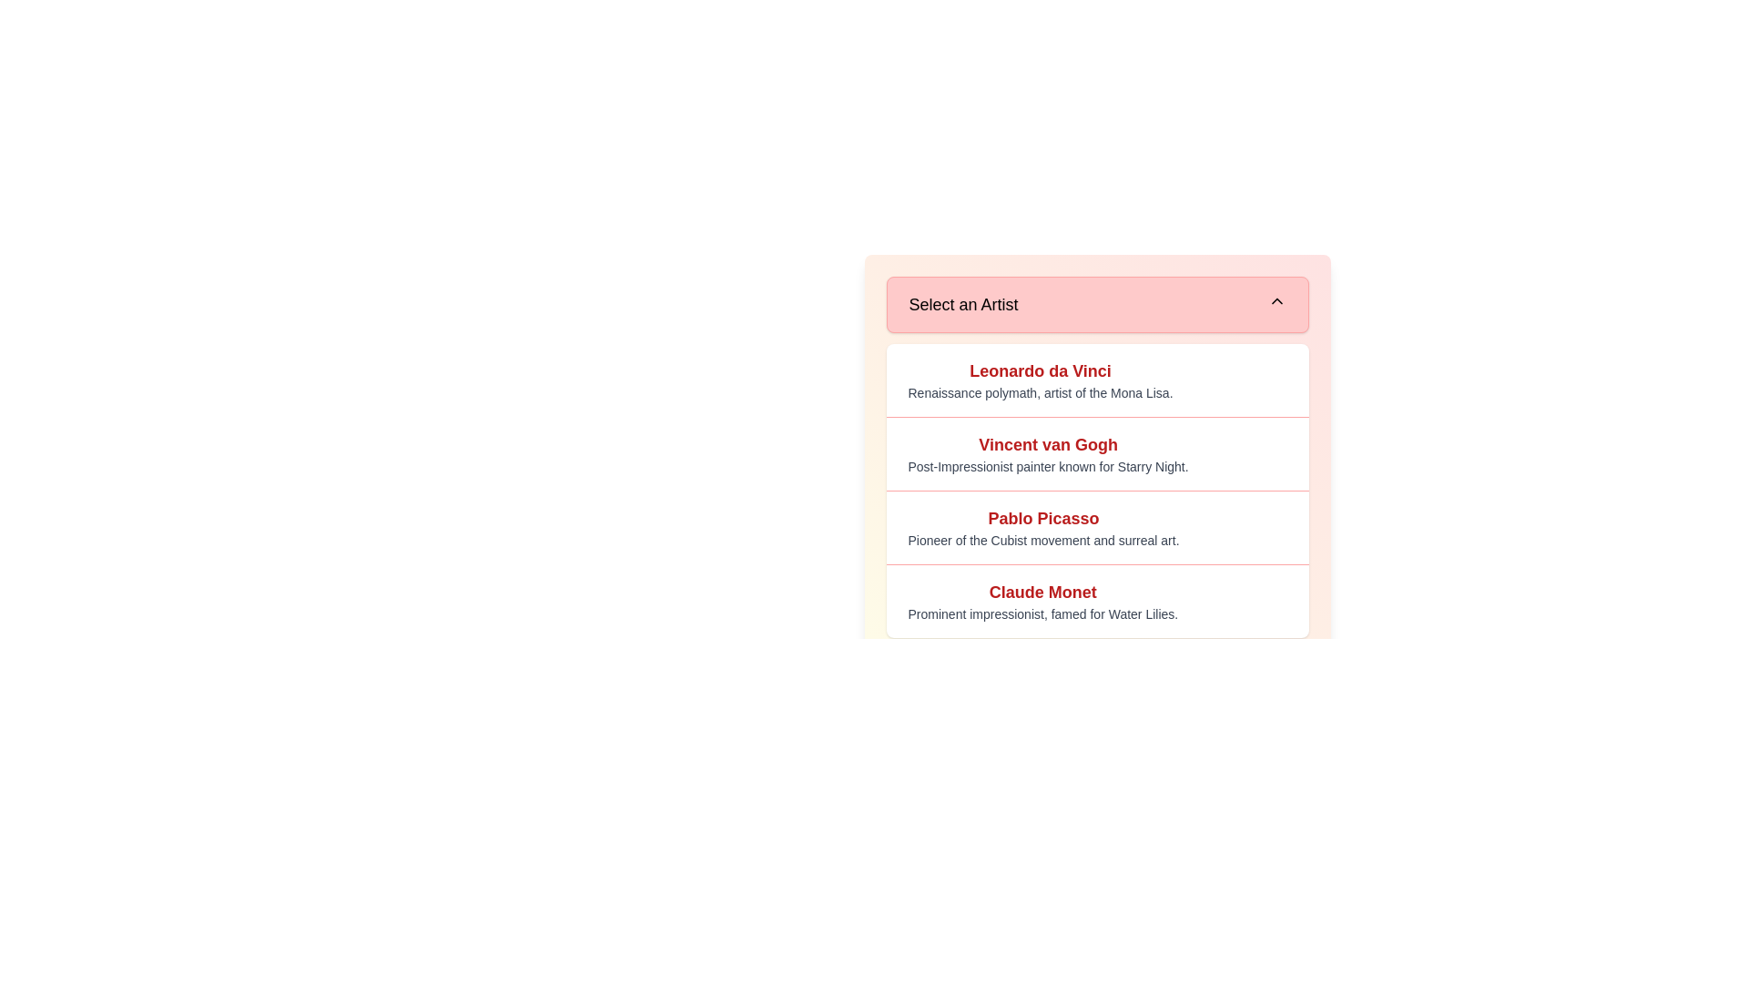 This screenshot has width=1748, height=983. Describe the element at coordinates (1096, 452) in the screenshot. I see `descriptive text of the list item featuring 'Vincent van Gogh', which includes the name in bold red font and a description in gray font` at that location.